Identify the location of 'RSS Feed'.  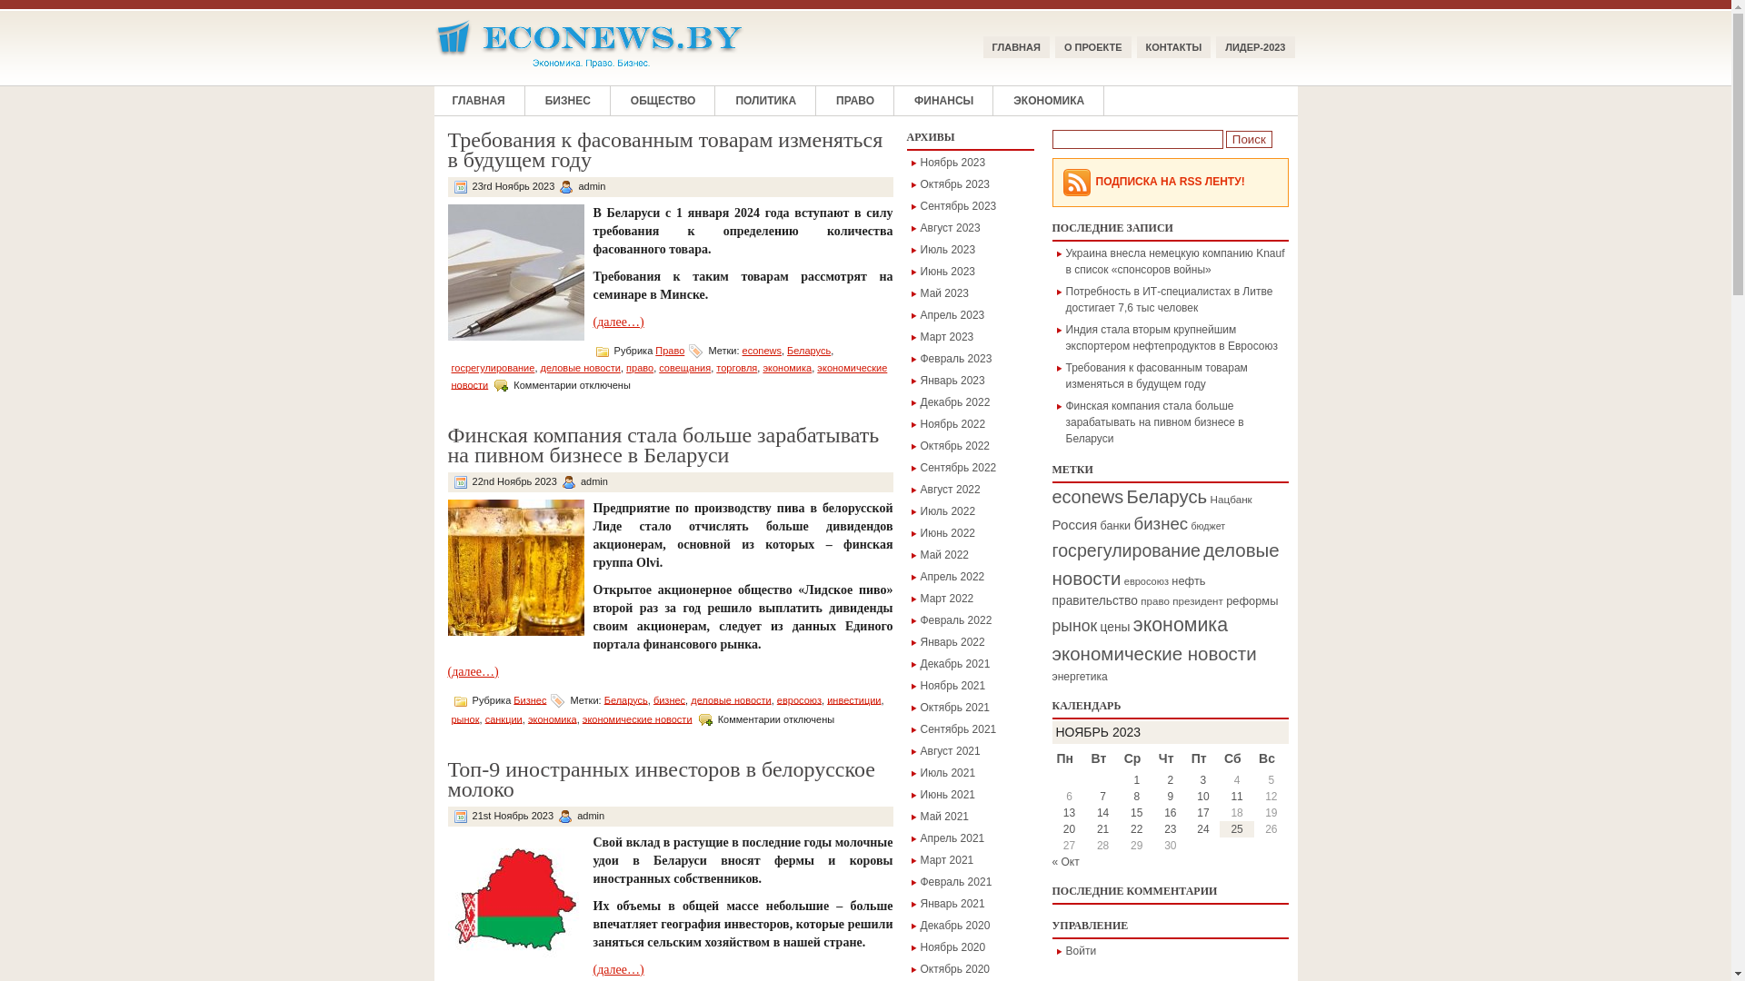
(1076, 182).